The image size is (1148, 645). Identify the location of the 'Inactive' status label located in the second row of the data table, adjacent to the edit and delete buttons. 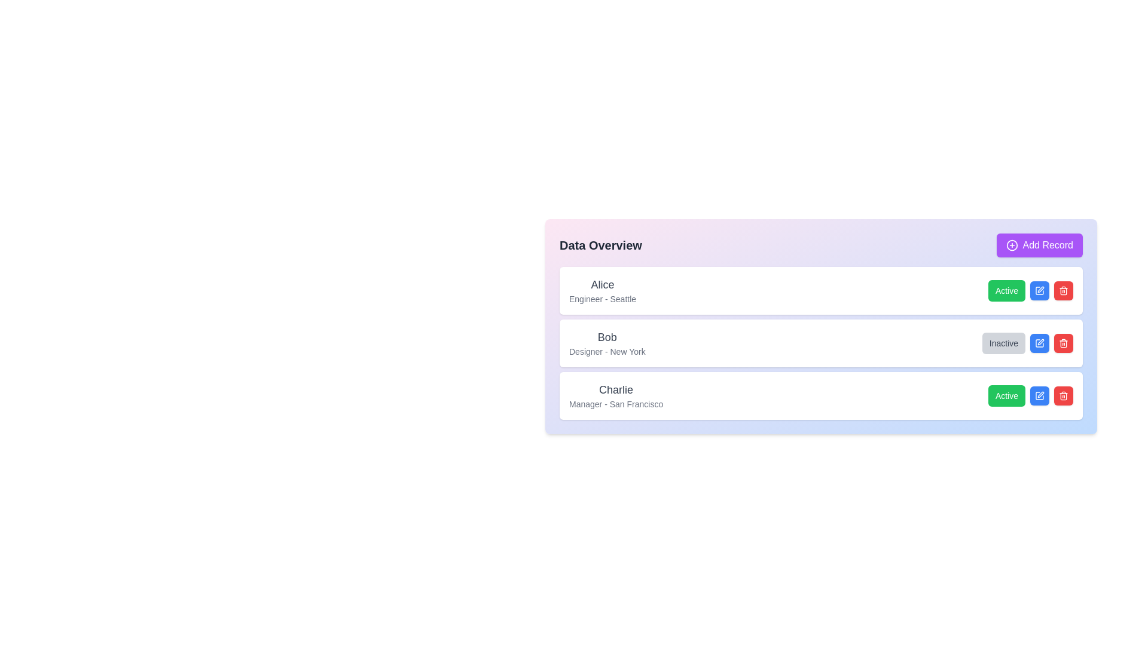
(1003, 343).